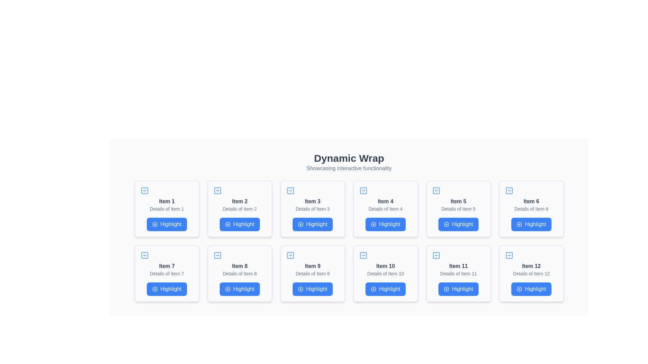 This screenshot has height=364, width=648. I want to click on the circular SVG icon with a plus symbol inside the blue 'Highlight' button located in row 3, column 3 of the grid layout, so click(300, 289).